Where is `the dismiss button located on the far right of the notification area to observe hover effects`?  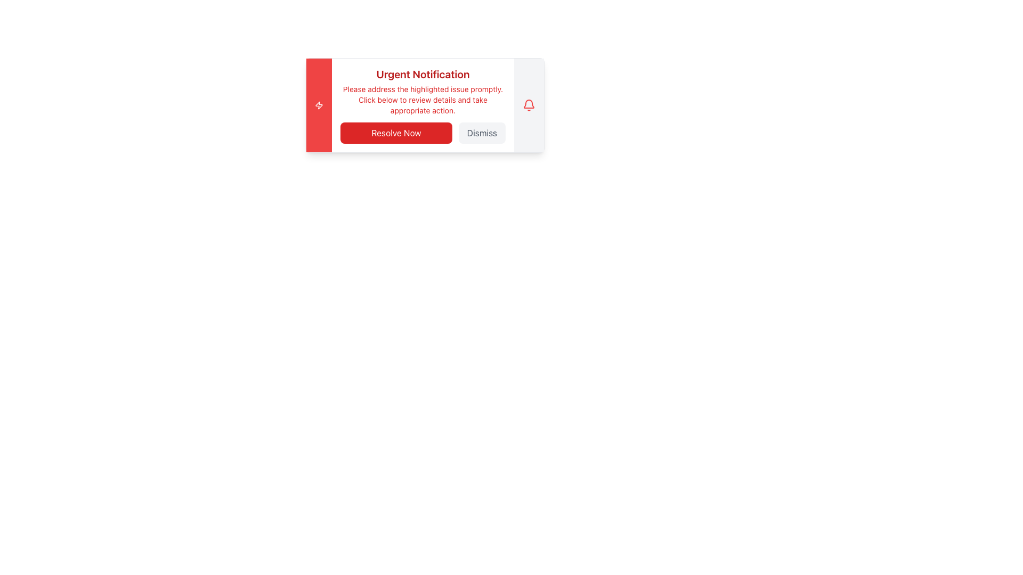
the dismiss button located on the far right of the notification area to observe hover effects is located at coordinates (481, 133).